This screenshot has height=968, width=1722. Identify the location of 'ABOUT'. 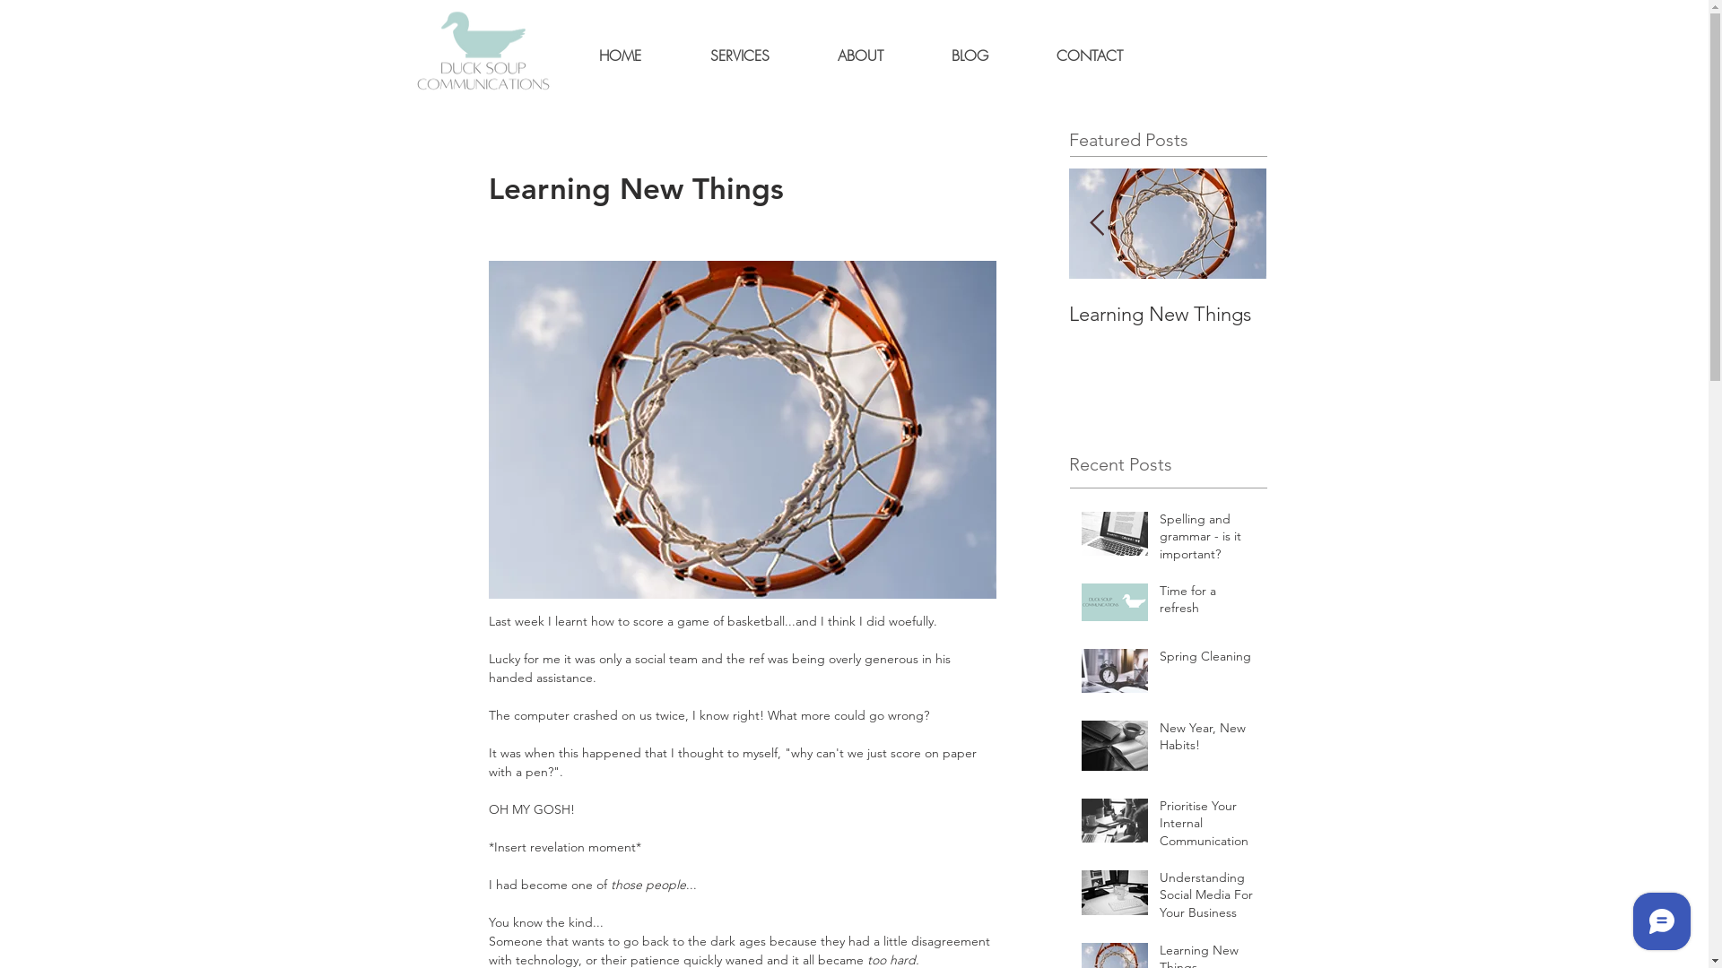
(859, 55).